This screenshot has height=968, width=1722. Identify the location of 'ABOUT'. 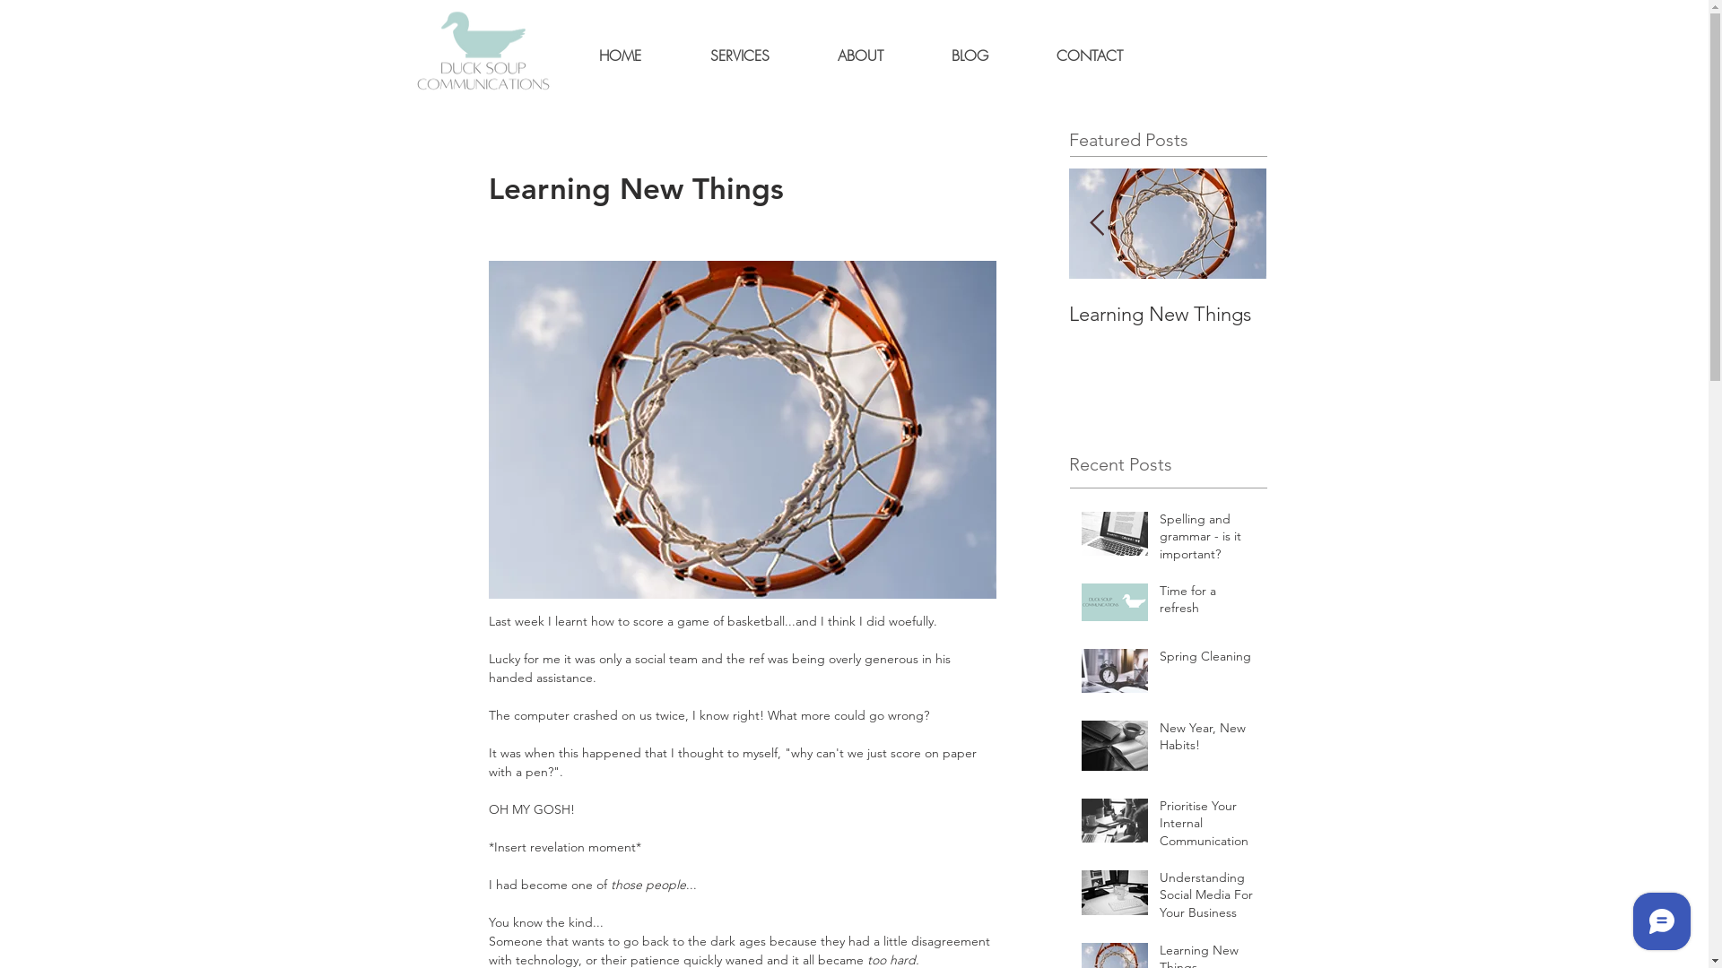
(859, 55).